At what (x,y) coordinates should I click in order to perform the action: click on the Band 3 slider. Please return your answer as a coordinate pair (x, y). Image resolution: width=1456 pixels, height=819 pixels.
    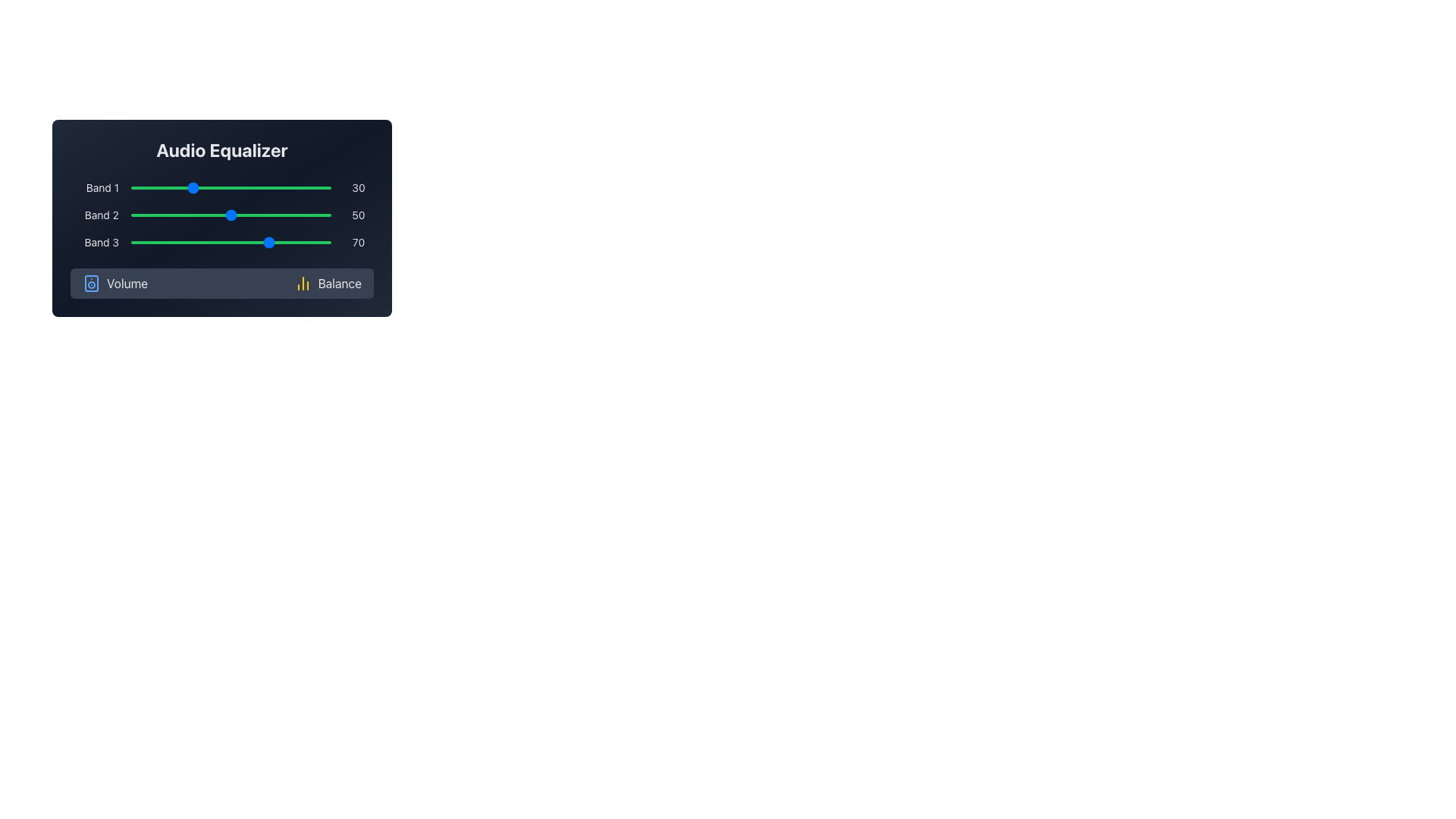
    Looking at the image, I should click on (145, 242).